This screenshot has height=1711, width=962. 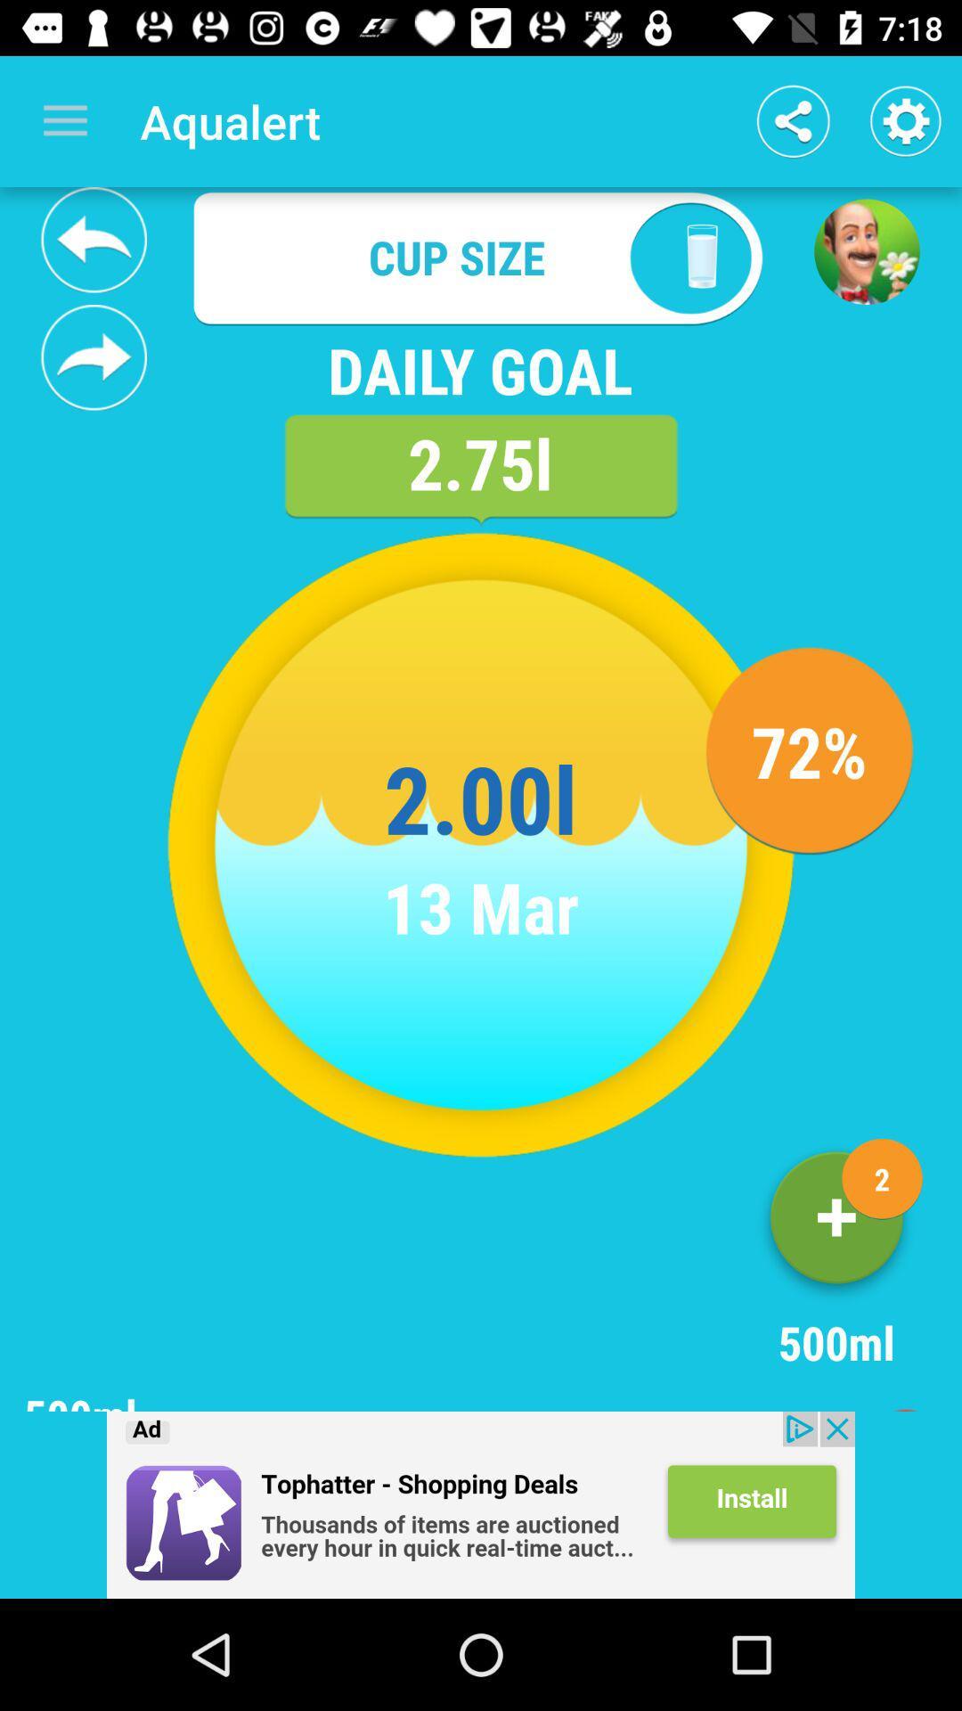 I want to click on the reply icon, so click(x=94, y=239).